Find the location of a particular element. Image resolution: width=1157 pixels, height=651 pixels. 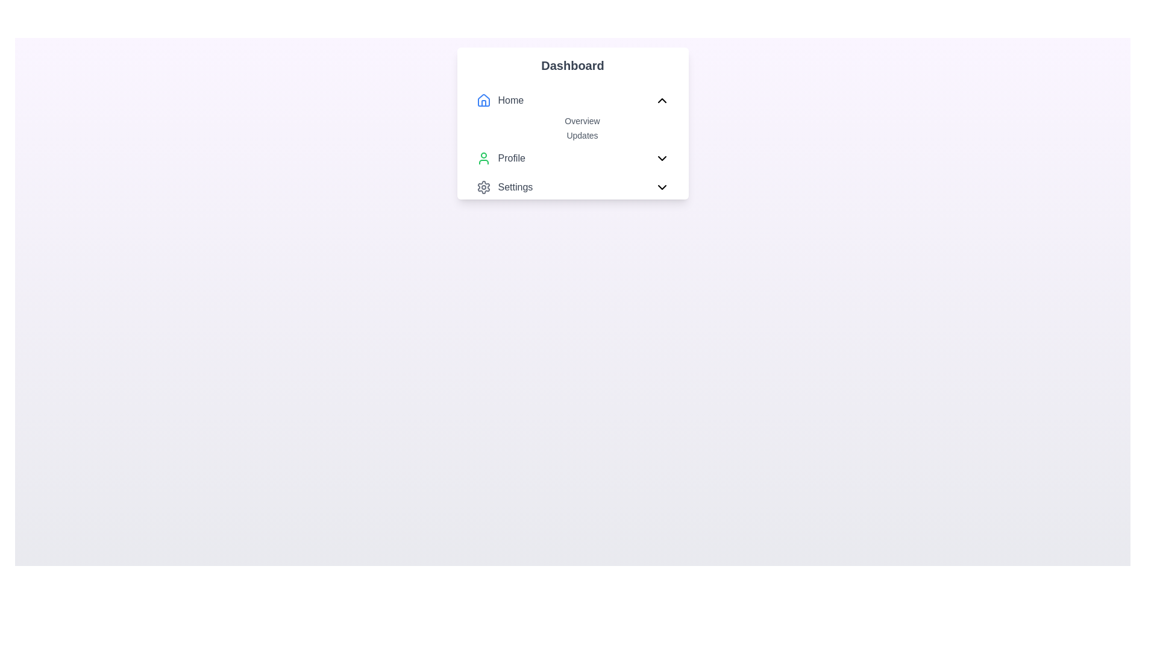

the blue house icon is located at coordinates (483, 99).